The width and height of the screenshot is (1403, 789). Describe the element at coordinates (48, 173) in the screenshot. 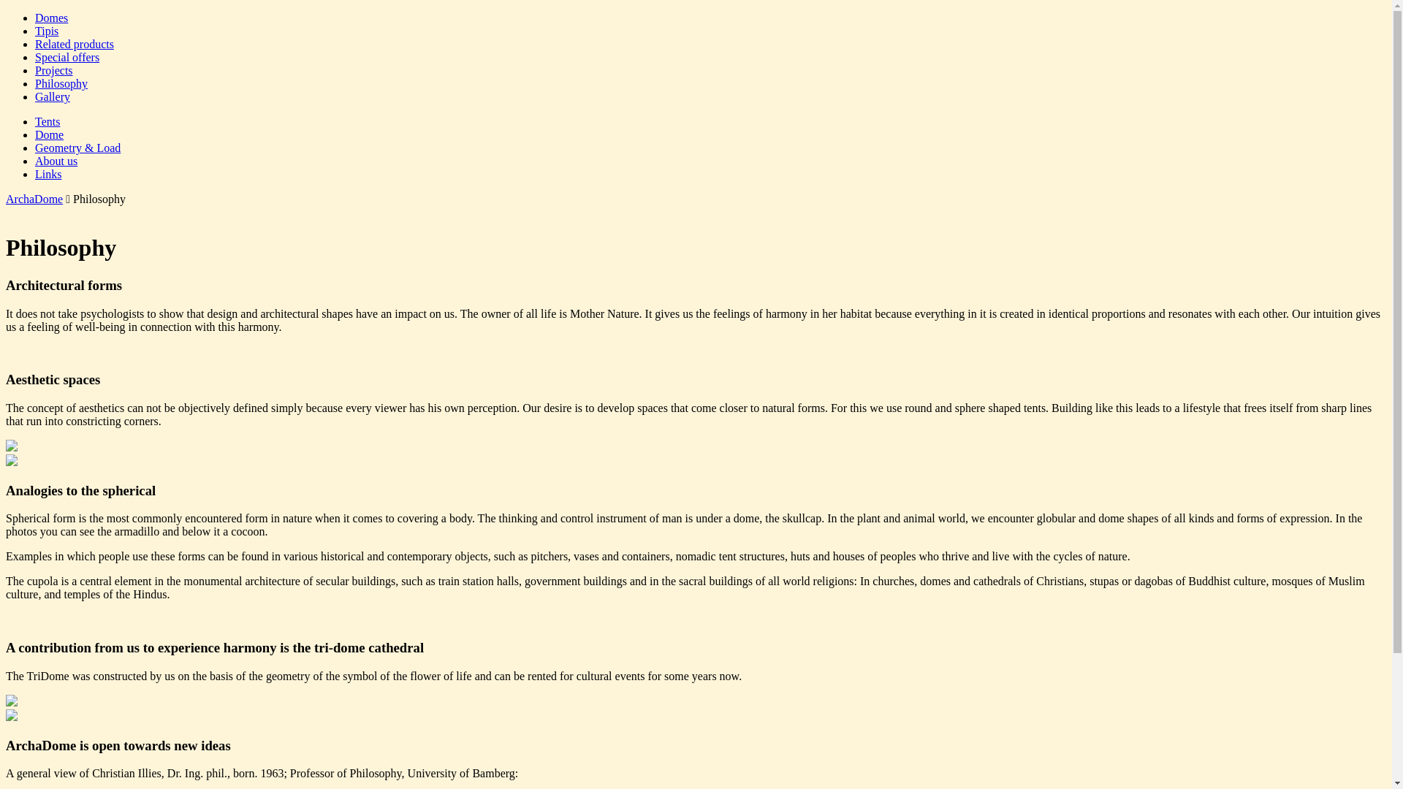

I see `'Links'` at that location.